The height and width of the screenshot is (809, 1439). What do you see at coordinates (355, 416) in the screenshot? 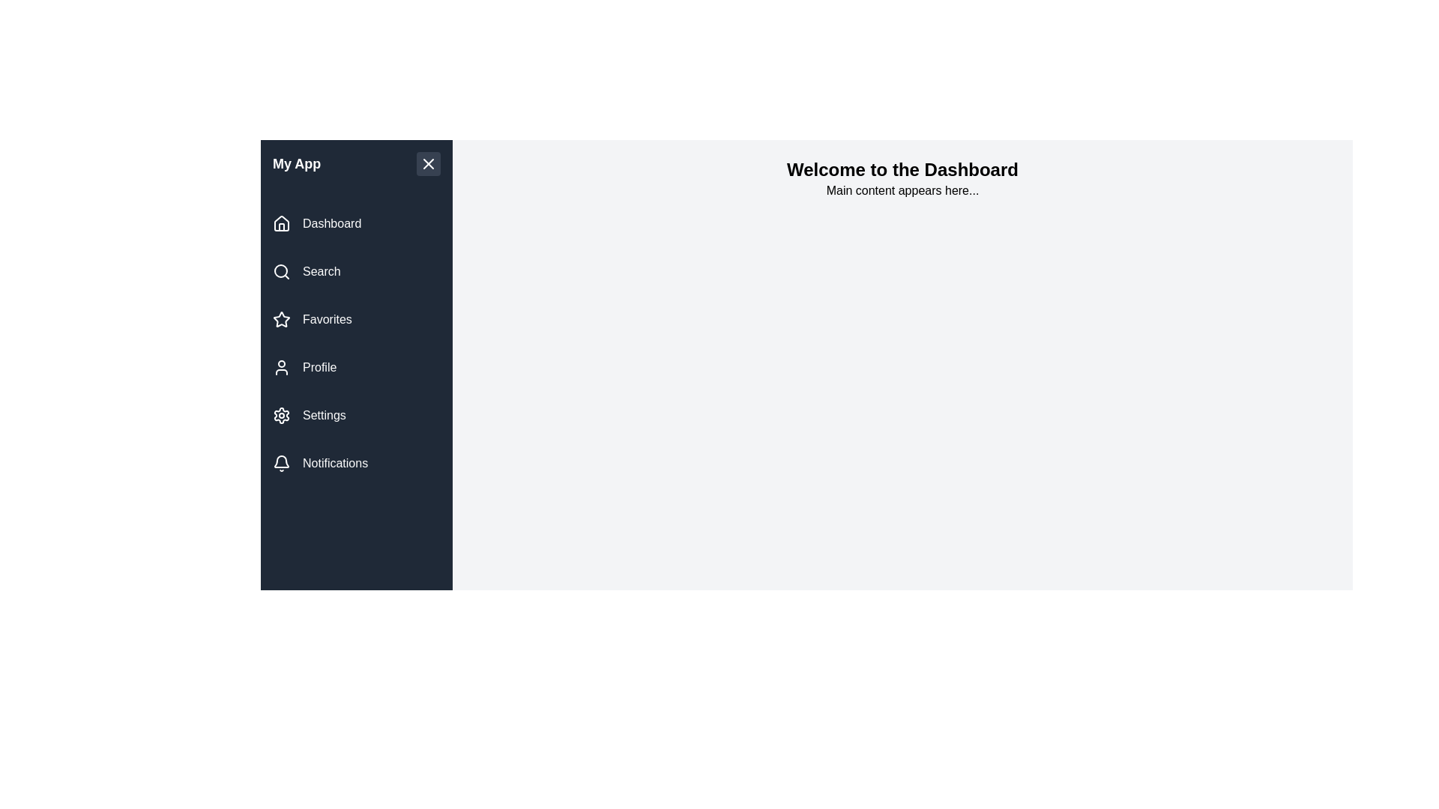
I see `the navigation item Settings from the drawer` at bounding box center [355, 416].